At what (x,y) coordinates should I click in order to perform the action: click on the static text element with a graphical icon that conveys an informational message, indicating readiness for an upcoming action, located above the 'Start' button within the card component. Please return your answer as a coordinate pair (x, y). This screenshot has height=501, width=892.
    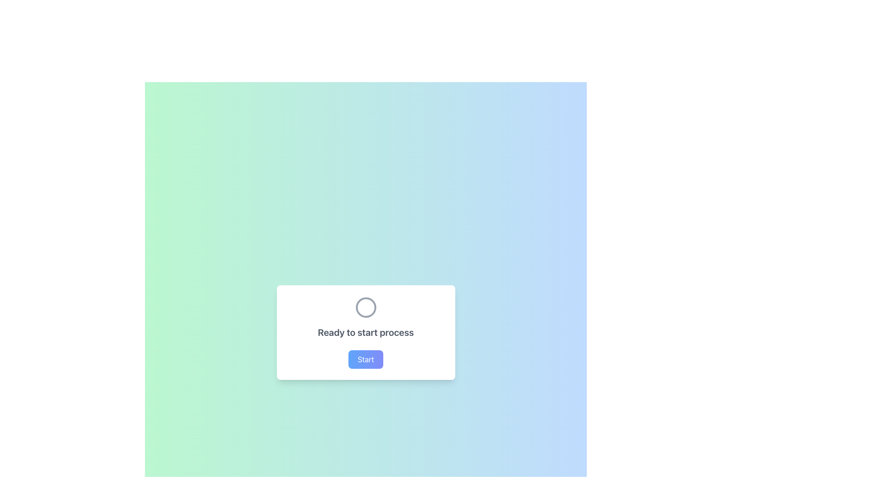
    Looking at the image, I should click on (365, 317).